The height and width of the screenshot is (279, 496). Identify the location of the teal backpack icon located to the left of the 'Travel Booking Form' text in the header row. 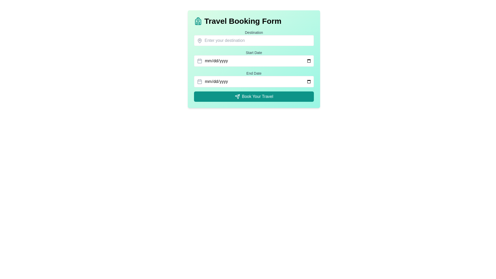
(198, 21).